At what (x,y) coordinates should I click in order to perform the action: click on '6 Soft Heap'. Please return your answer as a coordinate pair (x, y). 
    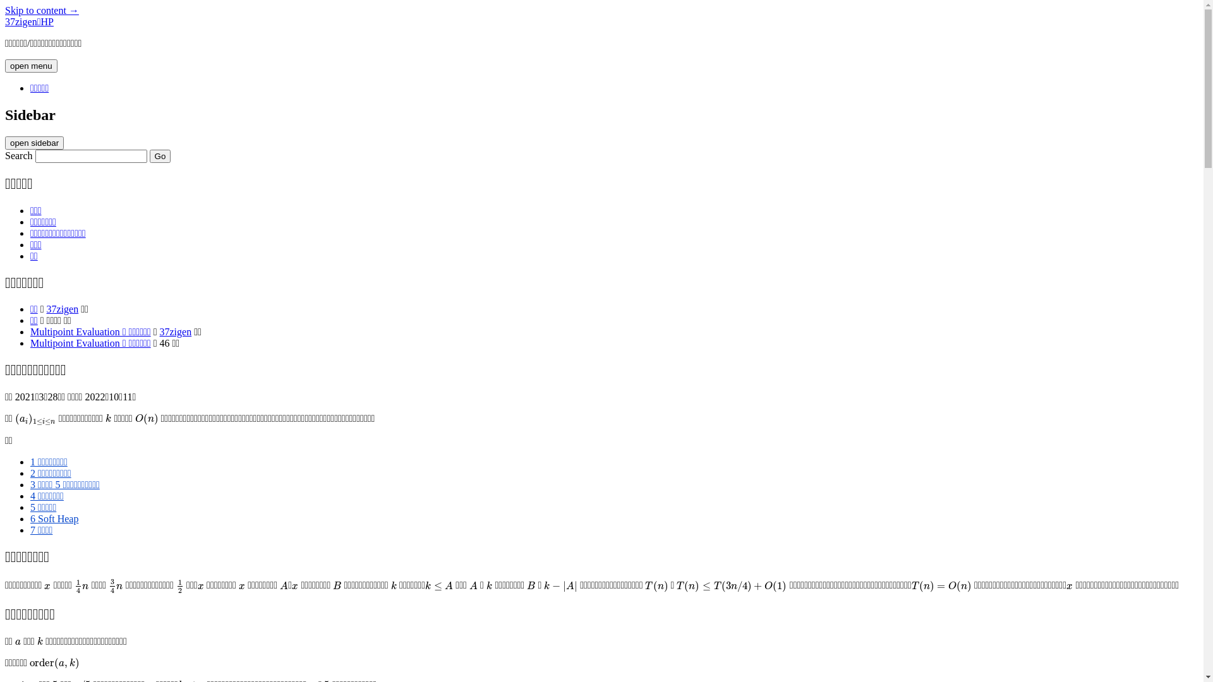
    Looking at the image, I should click on (54, 518).